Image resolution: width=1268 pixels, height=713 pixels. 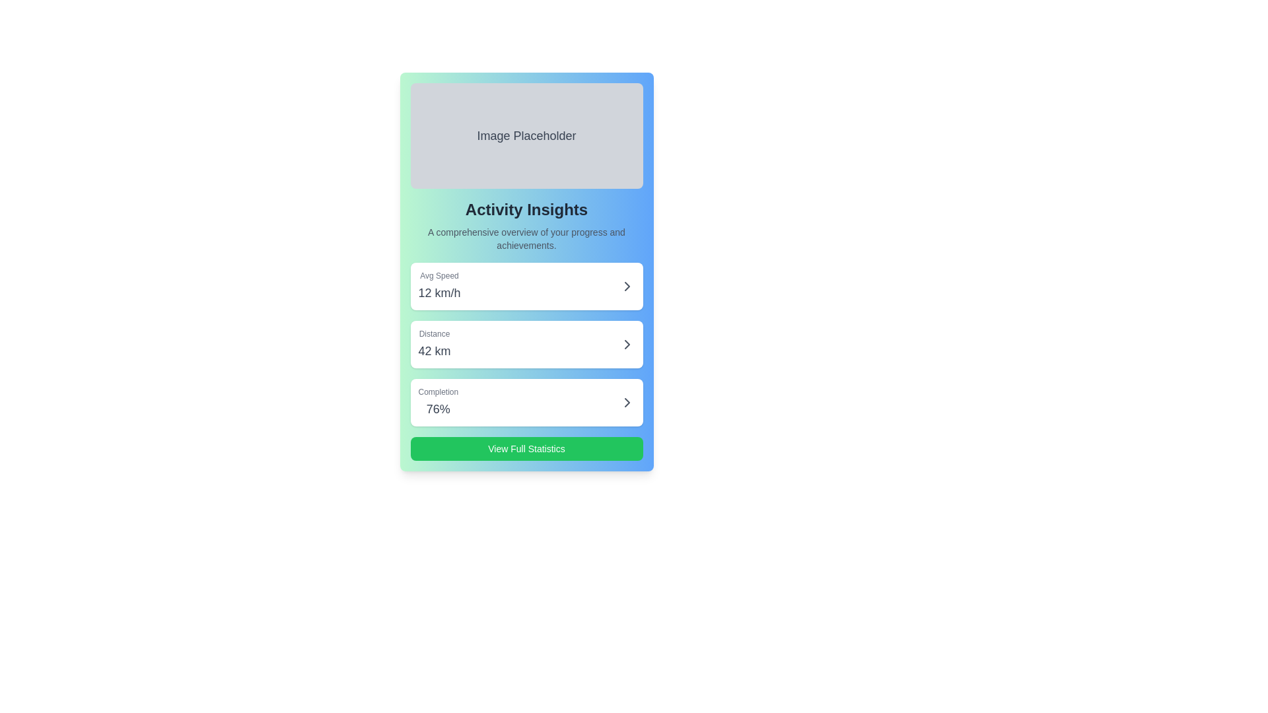 I want to click on the label displaying '76%' which is styled in bold gray text and positioned below the 'Completion' label, so click(x=438, y=409).